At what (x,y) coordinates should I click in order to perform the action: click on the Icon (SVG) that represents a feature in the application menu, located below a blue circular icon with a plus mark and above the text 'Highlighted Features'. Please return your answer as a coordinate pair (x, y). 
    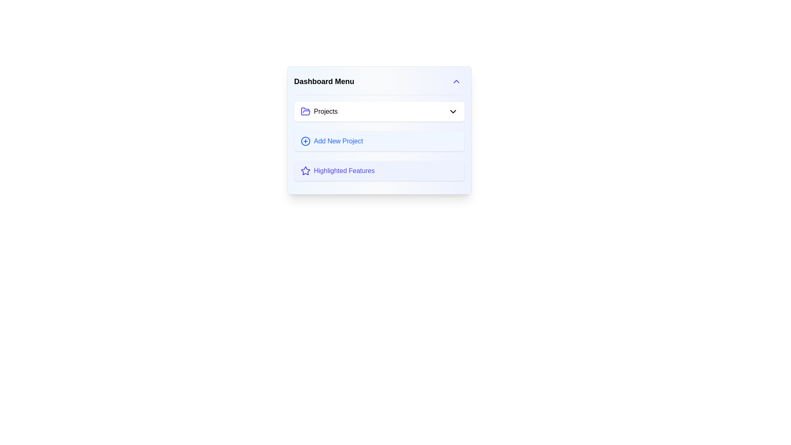
    Looking at the image, I should click on (305, 170).